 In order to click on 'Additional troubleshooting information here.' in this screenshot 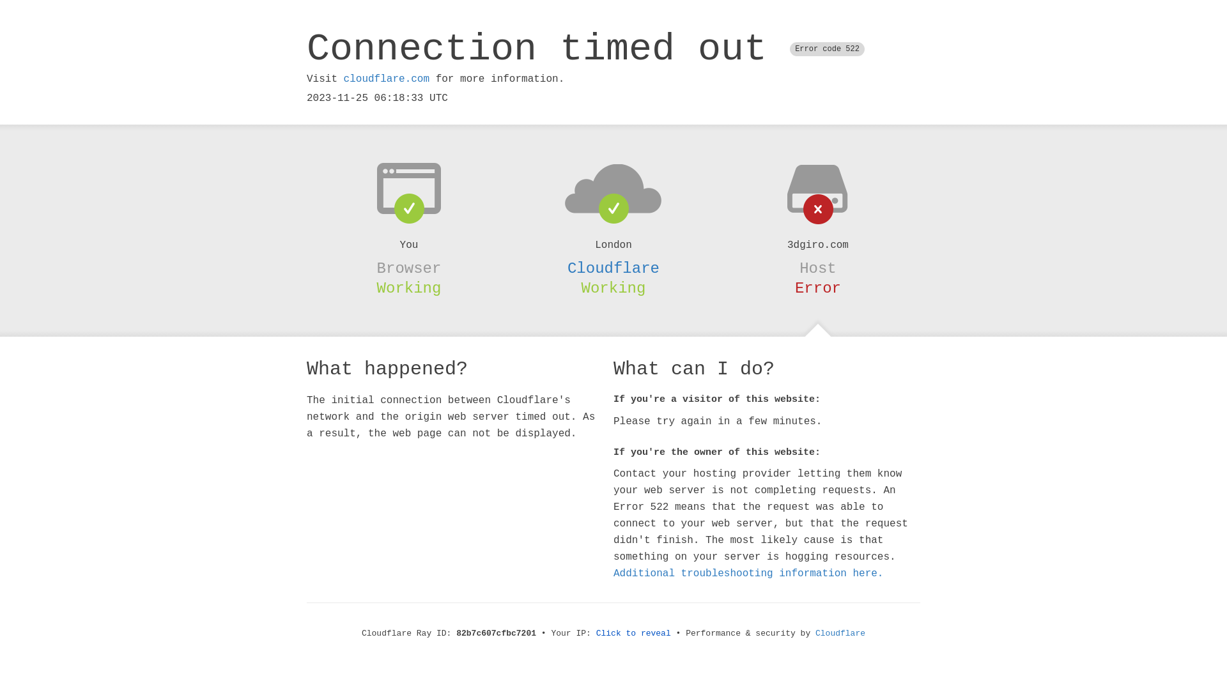, I will do `click(748, 573)`.